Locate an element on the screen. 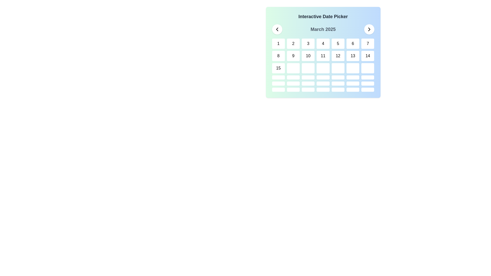 The height and width of the screenshot is (276, 491). the date cell displaying '14' in the calendar widget is located at coordinates (367, 56).